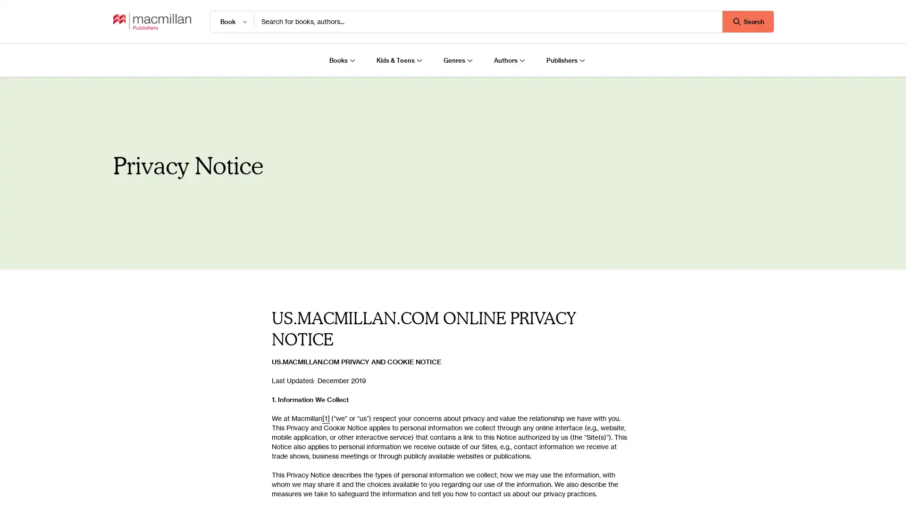 The height and width of the screenshot is (509, 906). What do you see at coordinates (747, 21) in the screenshot?
I see `Search` at bounding box center [747, 21].